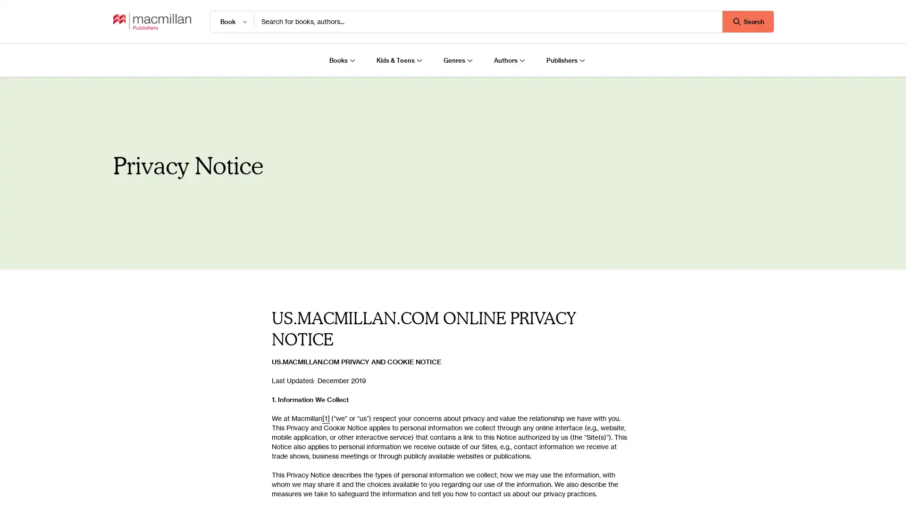 The height and width of the screenshot is (509, 906). What do you see at coordinates (747, 21) in the screenshot?
I see `Search` at bounding box center [747, 21].